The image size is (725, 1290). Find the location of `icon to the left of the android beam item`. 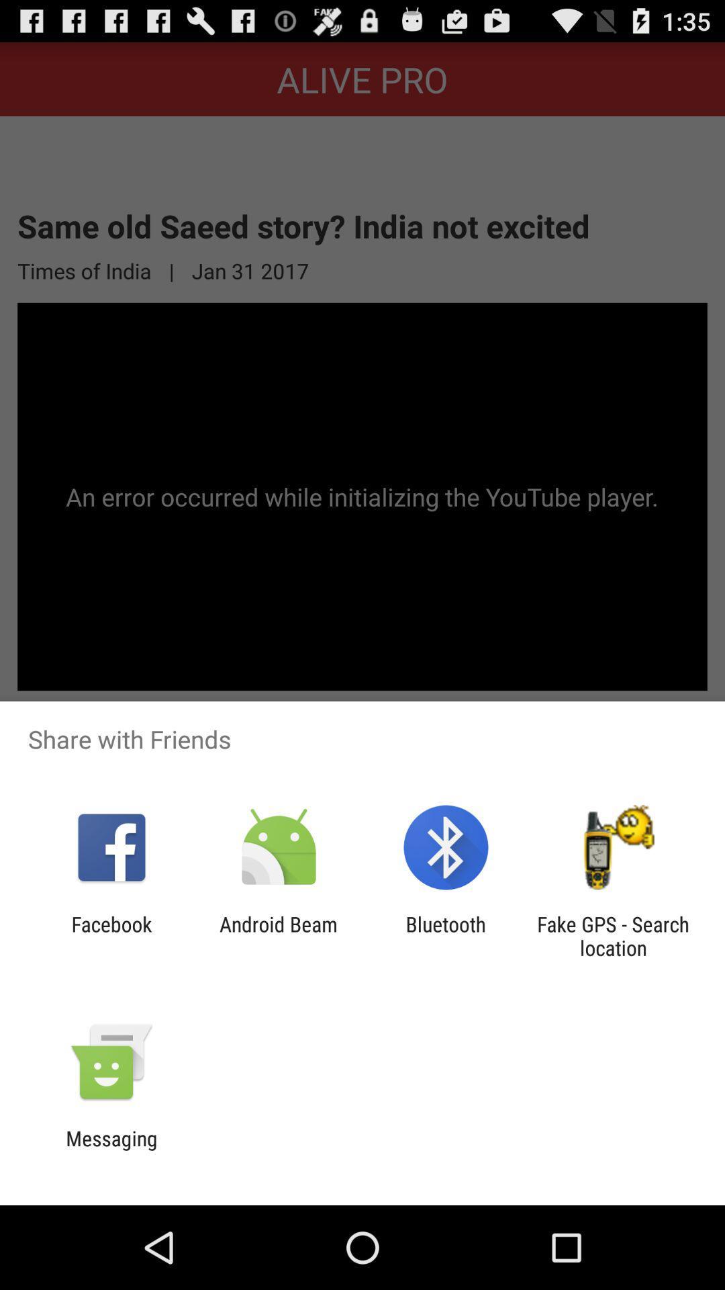

icon to the left of the android beam item is located at coordinates (111, 935).